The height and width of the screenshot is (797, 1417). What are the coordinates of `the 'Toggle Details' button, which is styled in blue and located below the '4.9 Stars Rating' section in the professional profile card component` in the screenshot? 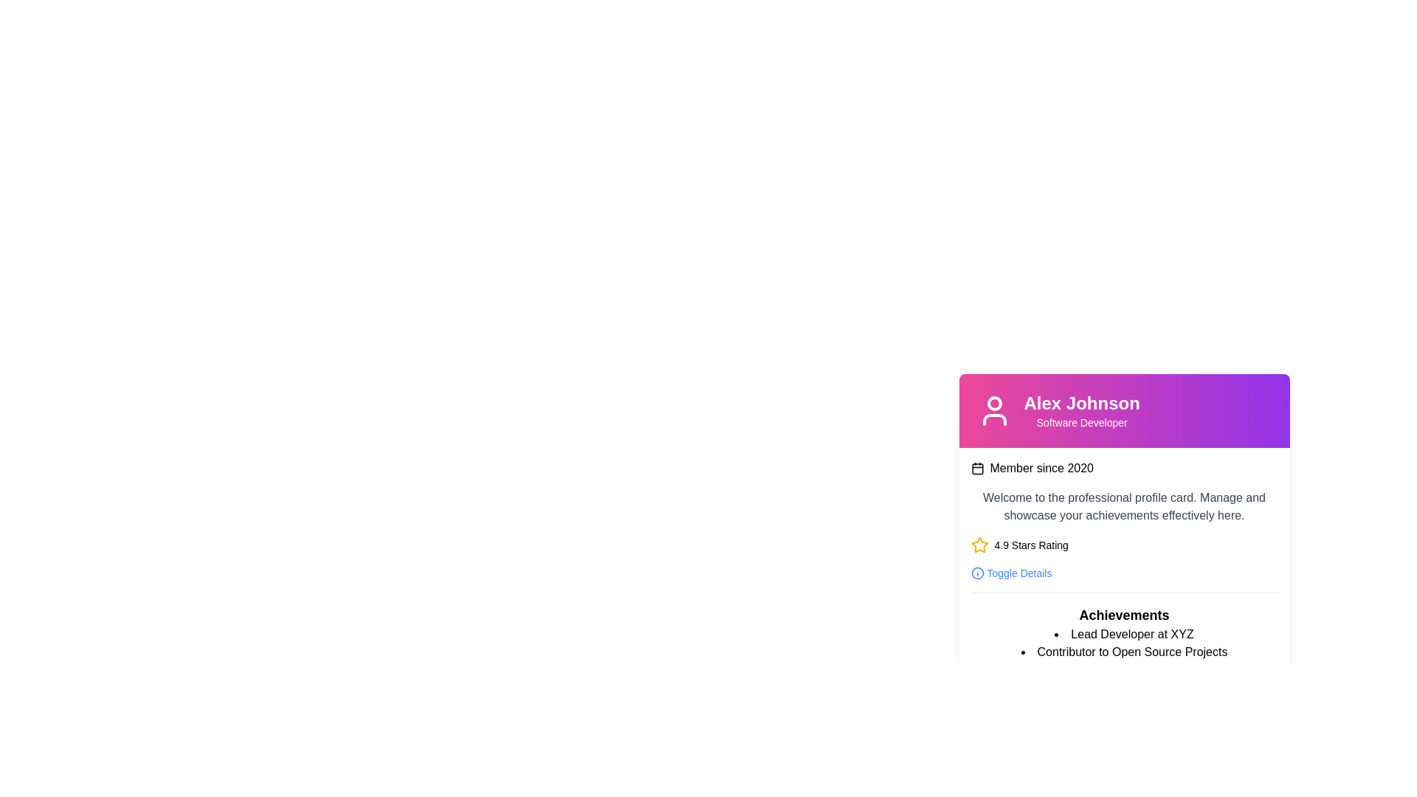 It's located at (1123, 572).